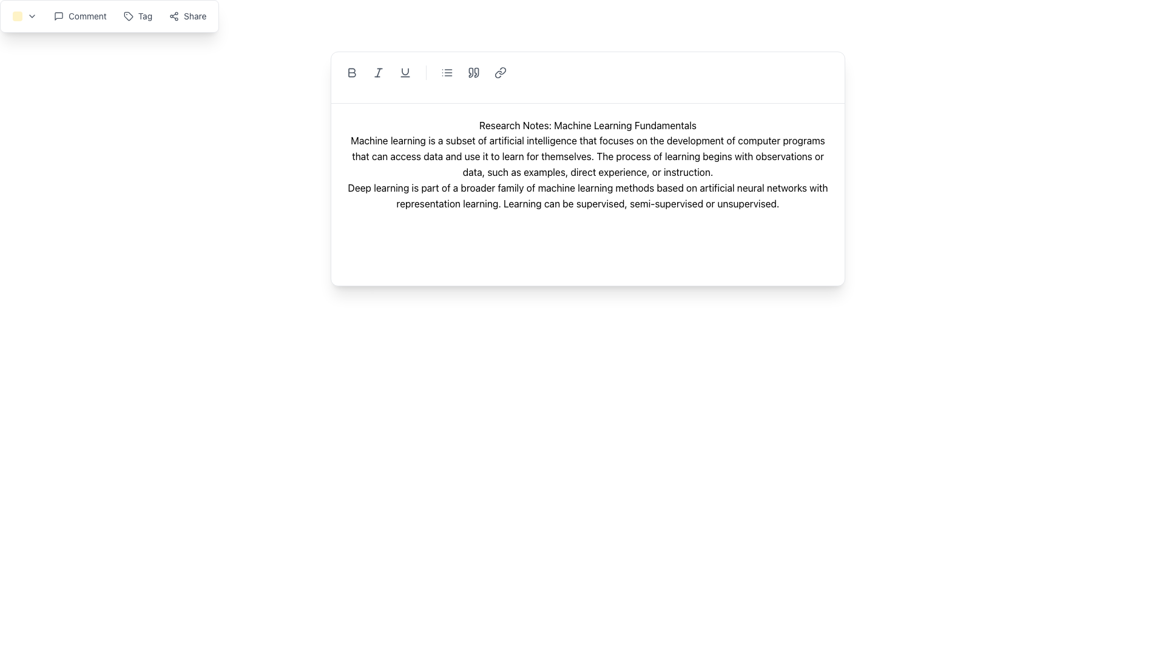 This screenshot has width=1165, height=655. What do you see at coordinates (378, 72) in the screenshot?
I see `the italic formatting icon located in the toolbar, which is the second icon following the bold icon and preceding the underline icon` at bounding box center [378, 72].